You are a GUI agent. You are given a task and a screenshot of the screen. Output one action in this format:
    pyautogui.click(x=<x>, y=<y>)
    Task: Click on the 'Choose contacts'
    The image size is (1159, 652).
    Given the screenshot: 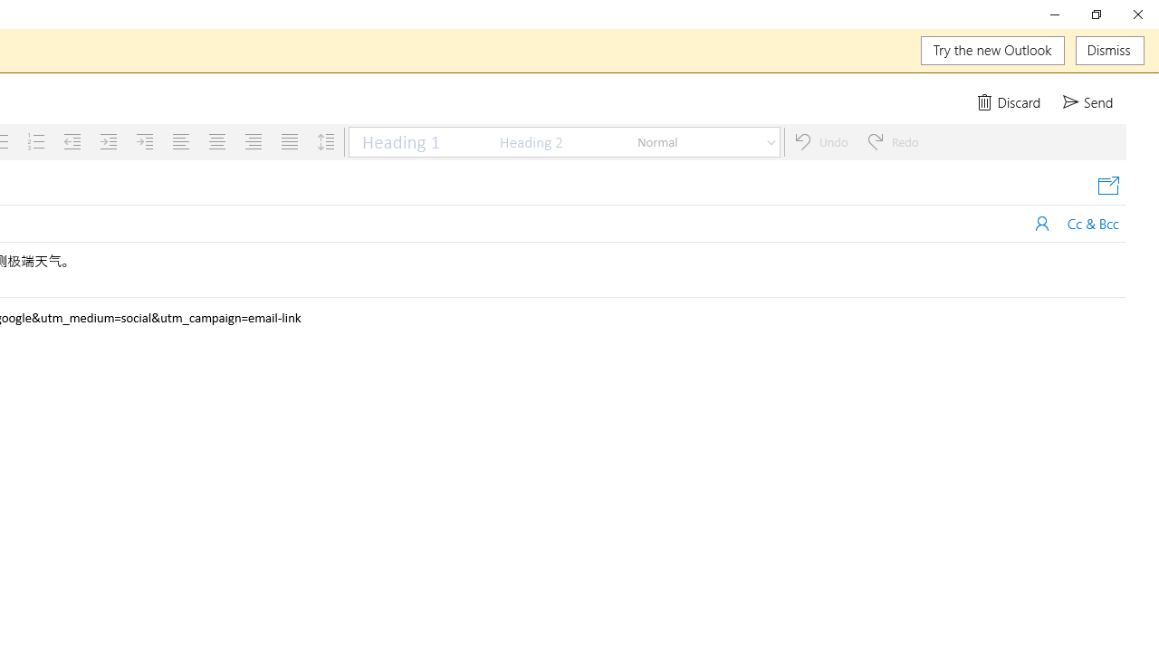 What is the action you would take?
    pyautogui.click(x=1042, y=222)
    